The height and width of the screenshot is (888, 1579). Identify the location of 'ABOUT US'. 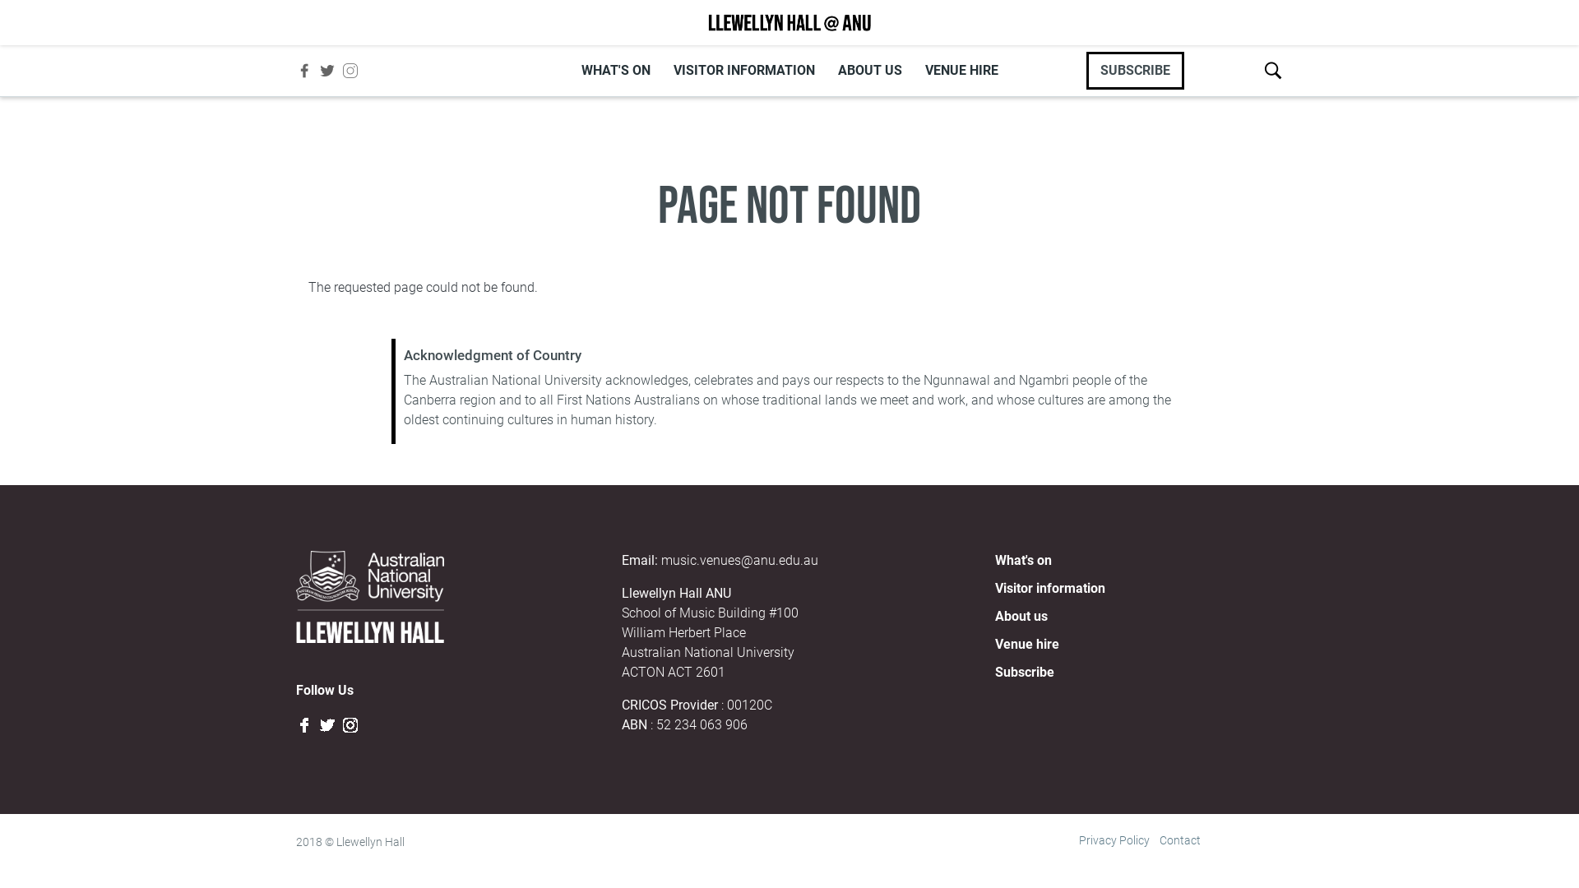
(868, 69).